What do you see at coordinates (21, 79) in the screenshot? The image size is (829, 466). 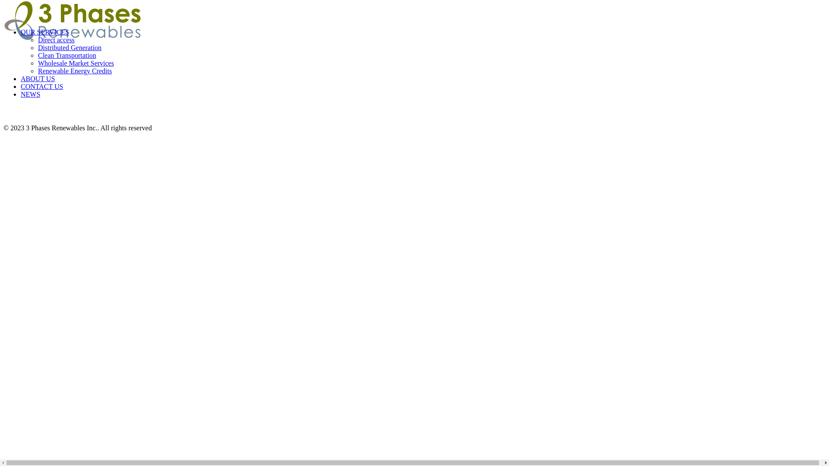 I see `'ABOUT US'` at bounding box center [21, 79].